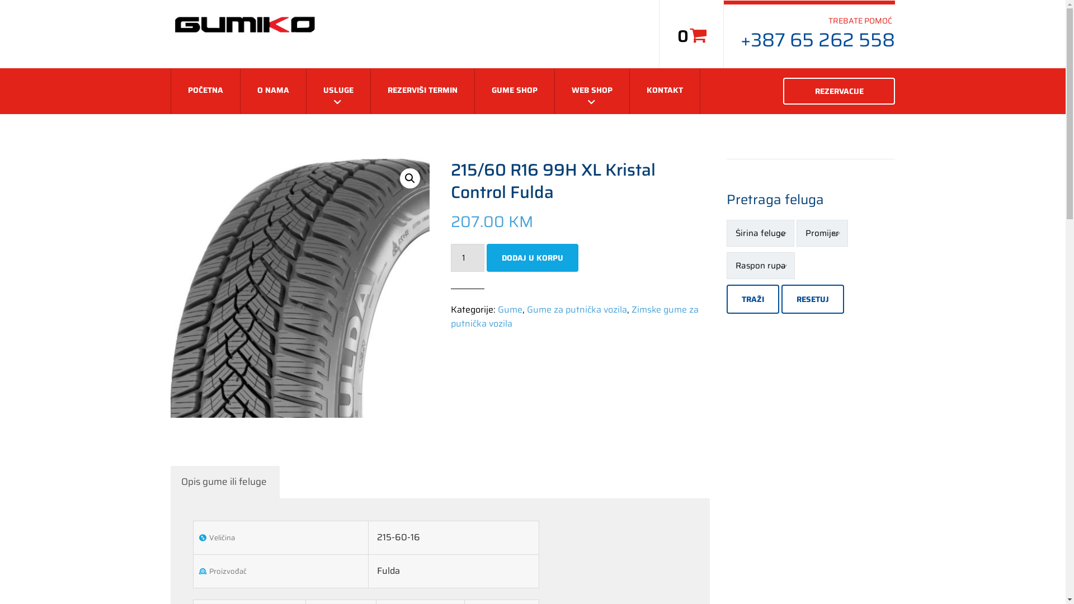  I want to click on 'DODAJ U KORPU', so click(531, 258).